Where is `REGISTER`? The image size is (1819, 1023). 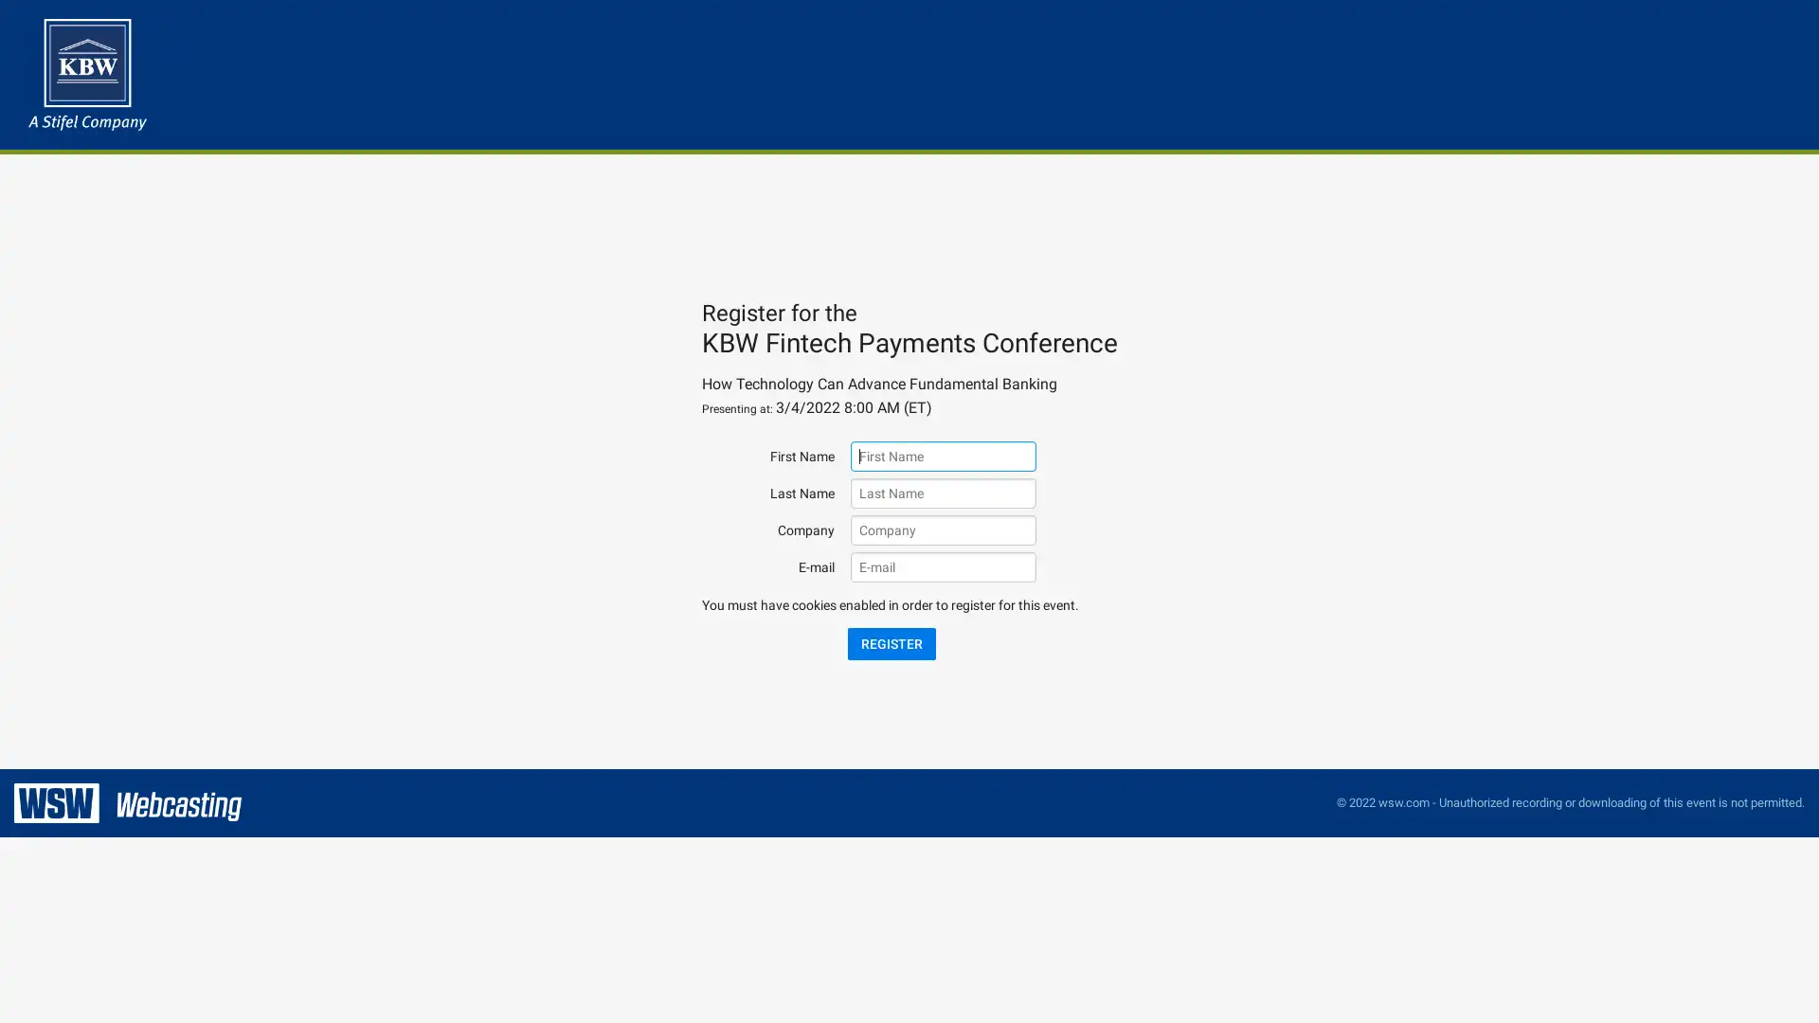 REGISTER is located at coordinates (890, 641).